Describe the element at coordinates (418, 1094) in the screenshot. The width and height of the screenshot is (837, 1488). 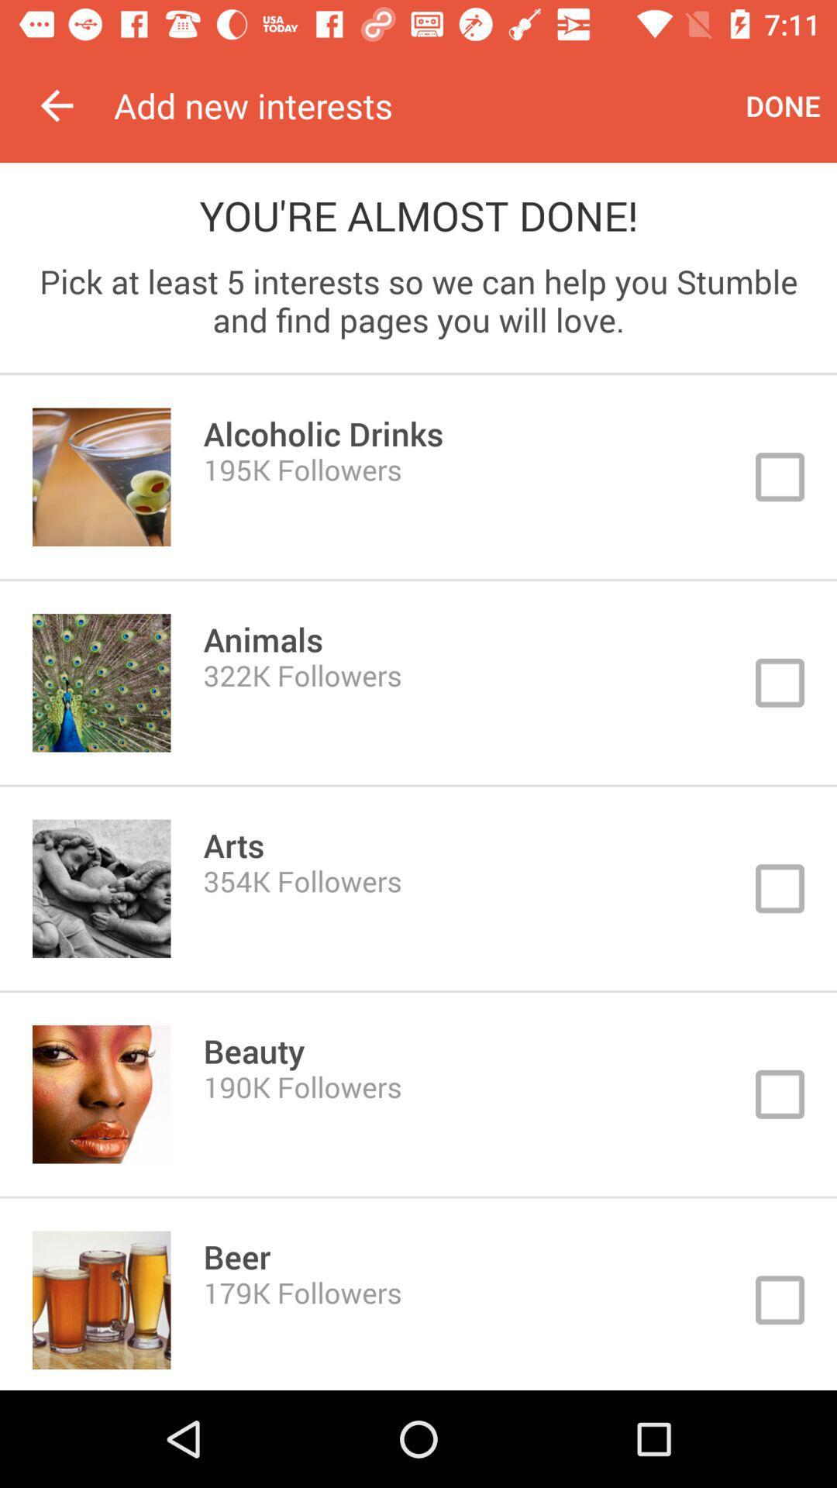
I see `one picture` at that location.